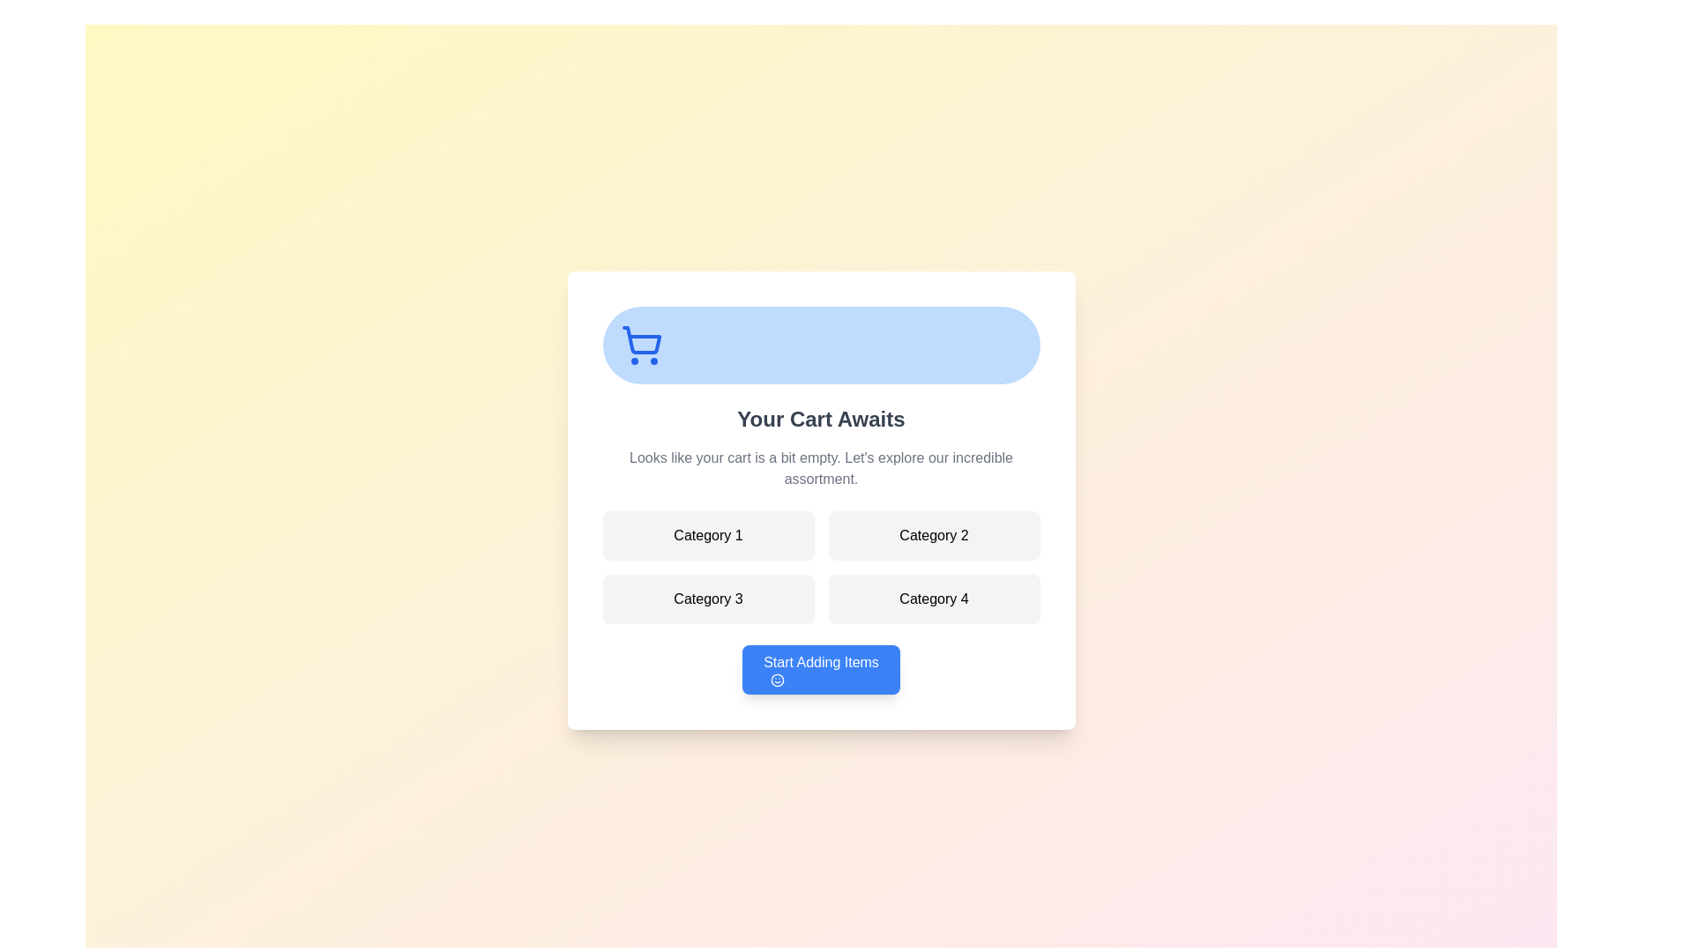  What do you see at coordinates (777, 679) in the screenshot?
I see `the 'Start Adding Items' button which contains the smiley face icon located at the center bottom of the card interface` at bounding box center [777, 679].